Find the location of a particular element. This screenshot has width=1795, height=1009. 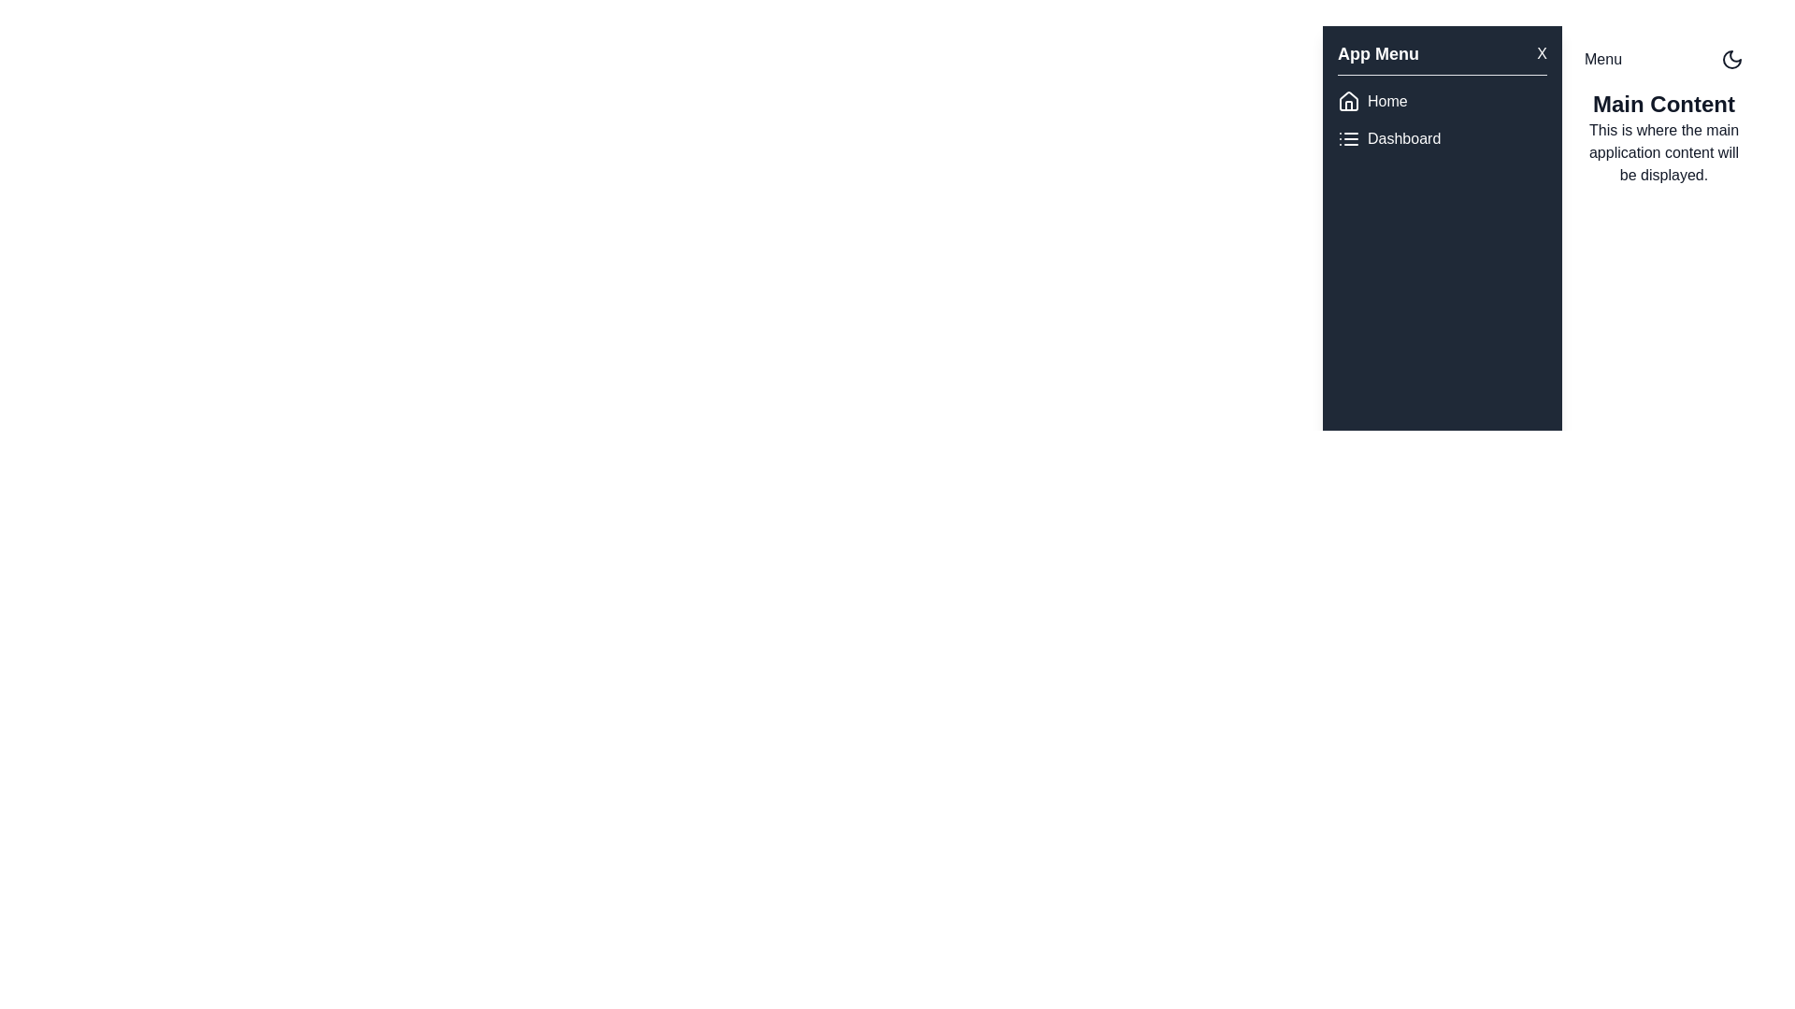

the bulleted list icon located in the left-hand navigation menu next to the 'Dashboard' label is located at coordinates (1349, 138).